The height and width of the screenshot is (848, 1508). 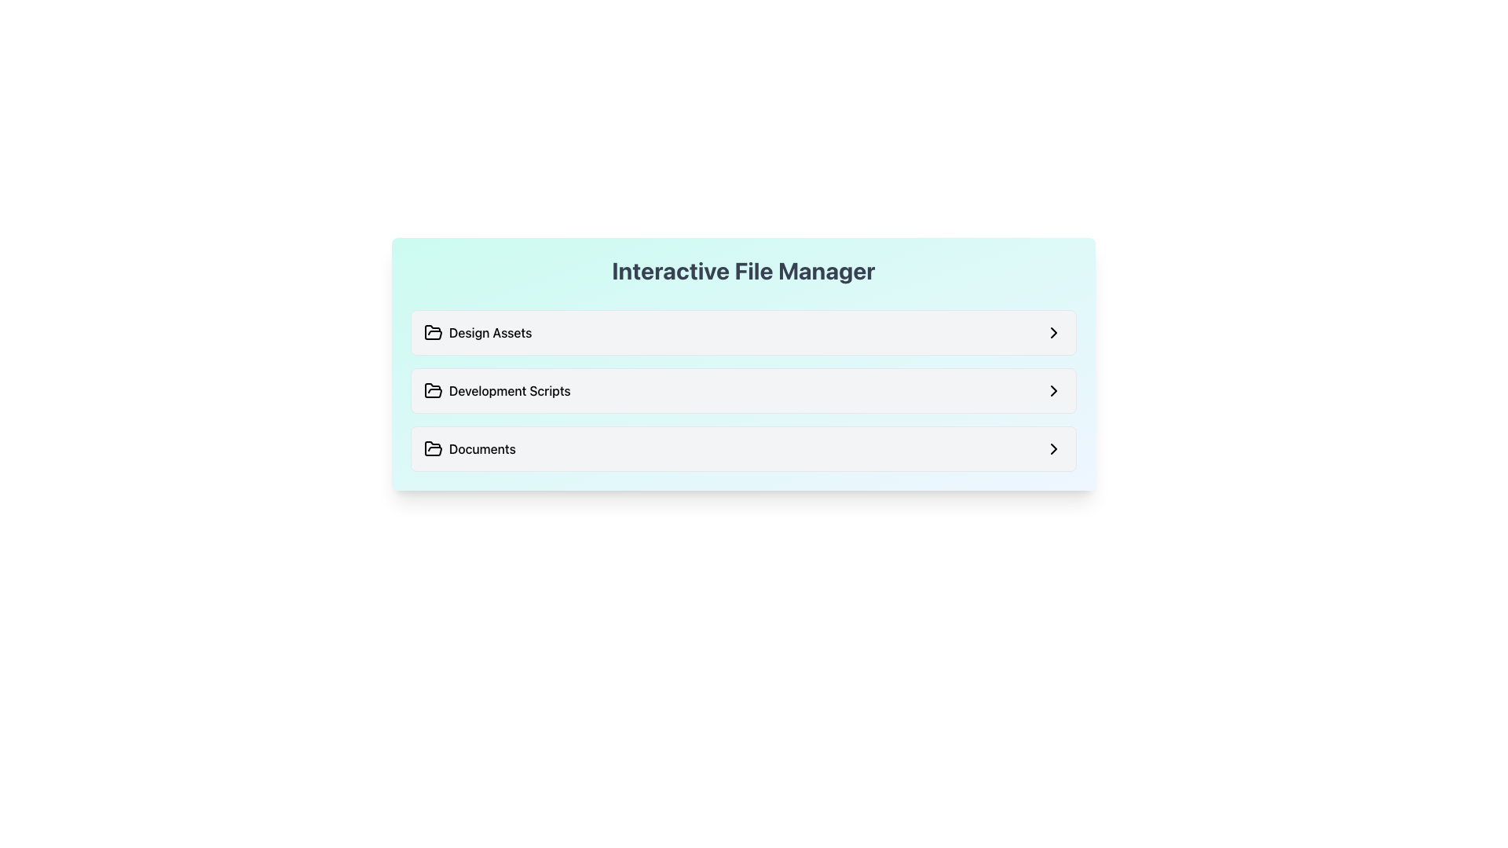 I want to click on the chevron-shaped icon button located in the second row, next to 'Development Scripts', so click(x=1054, y=332).